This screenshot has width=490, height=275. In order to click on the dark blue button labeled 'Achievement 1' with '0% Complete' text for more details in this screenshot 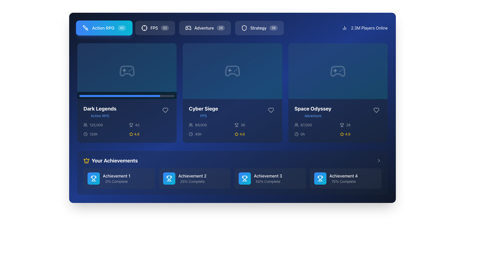, I will do `click(119, 178)`.